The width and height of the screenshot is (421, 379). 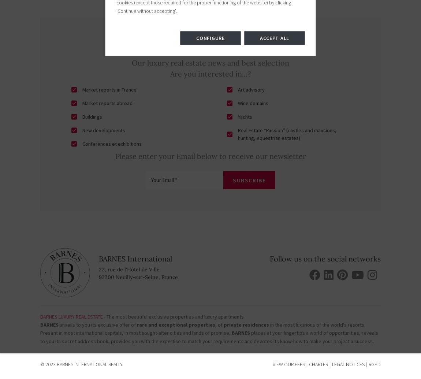 I want to click on 'New developments', so click(x=103, y=130).